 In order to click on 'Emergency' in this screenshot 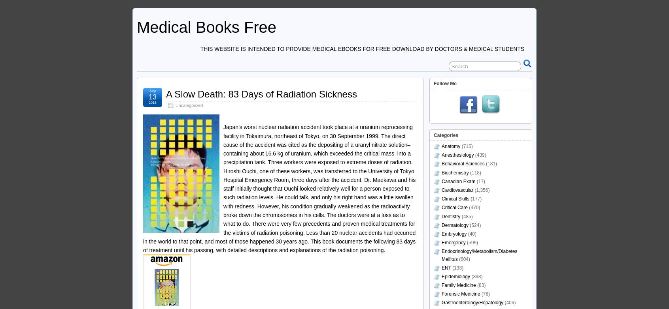, I will do `click(453, 242)`.